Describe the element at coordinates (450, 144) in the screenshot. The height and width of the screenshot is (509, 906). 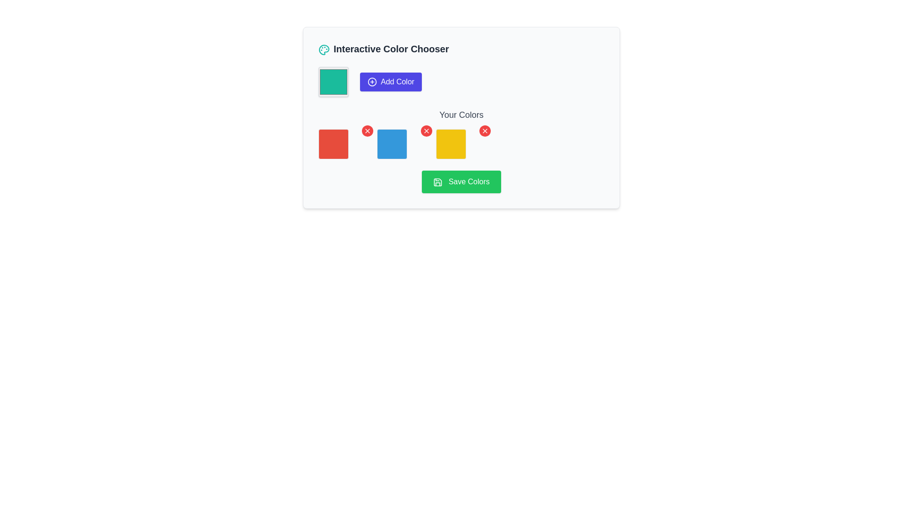
I see `the color display box with a vibrant yellow background, which is the third square in the 'Your Colors' section, located above the 'Save Colors' button` at that location.